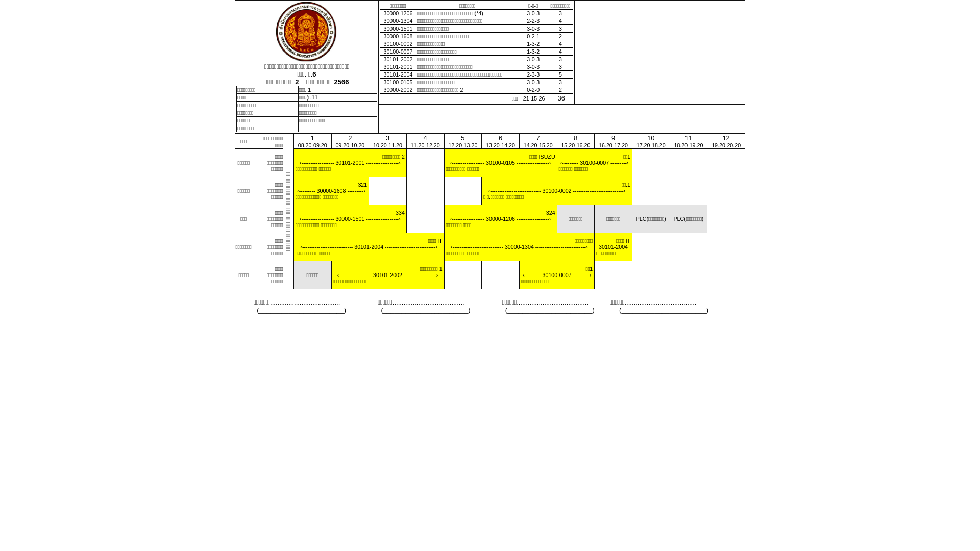 The width and height of the screenshot is (980, 551). What do you see at coordinates (532, 35) in the screenshot?
I see `'0-2-1'` at bounding box center [532, 35].